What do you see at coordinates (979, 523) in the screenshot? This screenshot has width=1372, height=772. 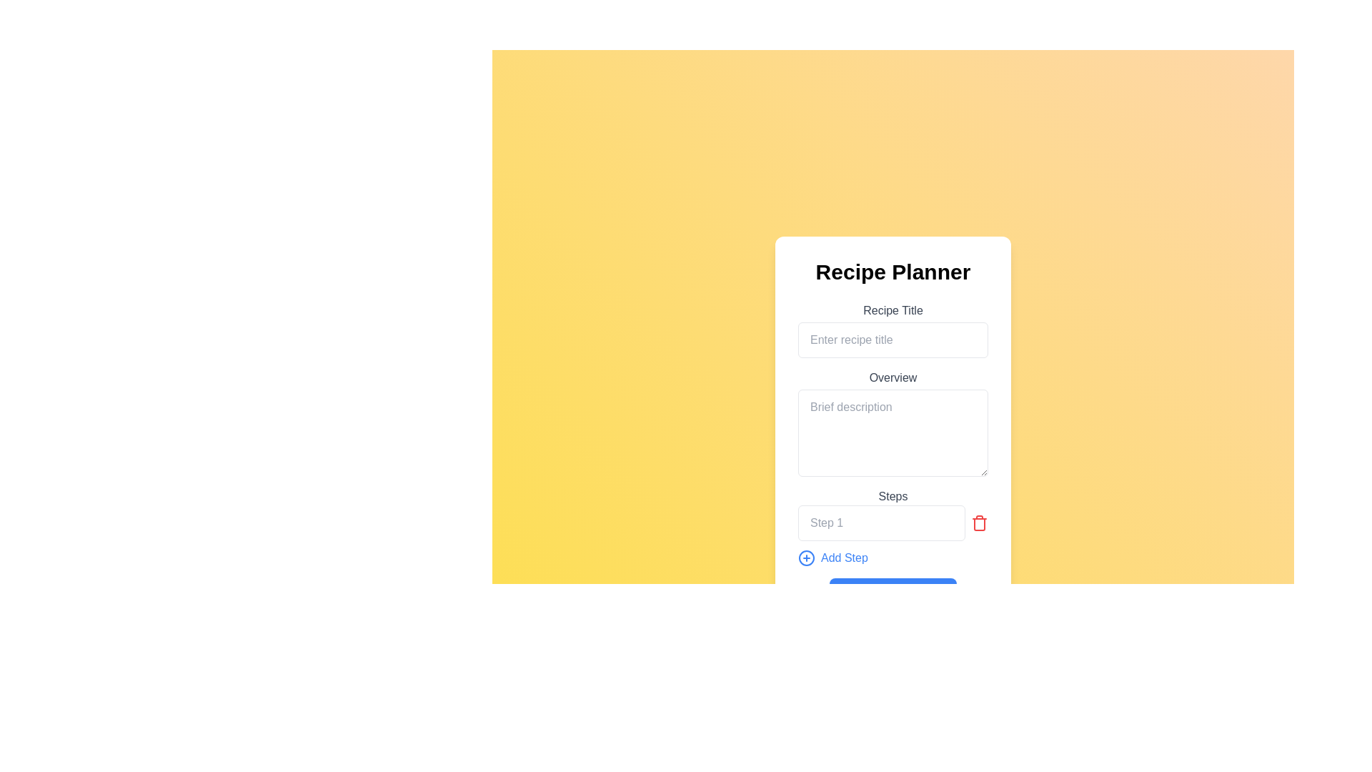 I see `the red trash bin icon button located to the right of the 'Step 1' text input box` at bounding box center [979, 523].